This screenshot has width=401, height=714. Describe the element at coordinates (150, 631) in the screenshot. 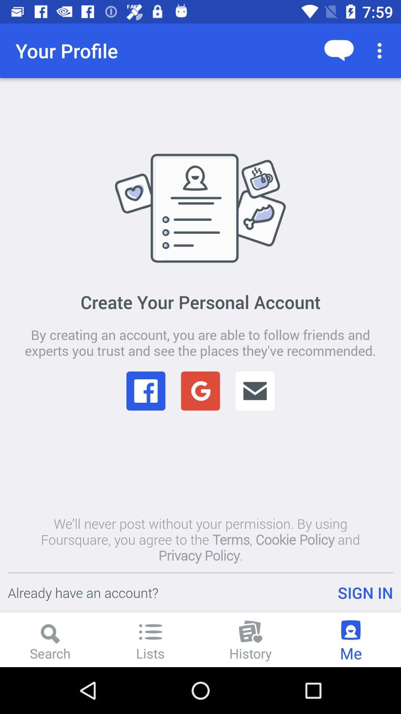

I see `the lists icon` at that location.